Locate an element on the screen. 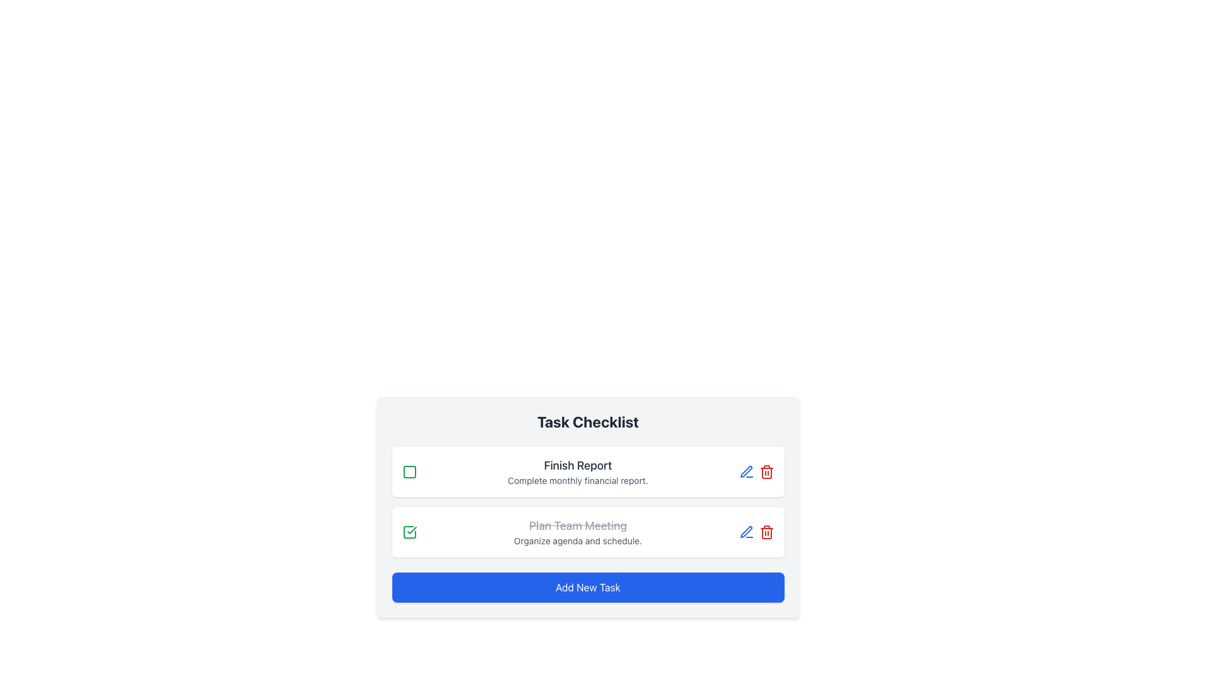 This screenshot has width=1207, height=678. text segment displaying 'Organize agenda and schedule.' located below the strikethrough text 'Plan Team Meeting' in the task list is located at coordinates (577, 540).